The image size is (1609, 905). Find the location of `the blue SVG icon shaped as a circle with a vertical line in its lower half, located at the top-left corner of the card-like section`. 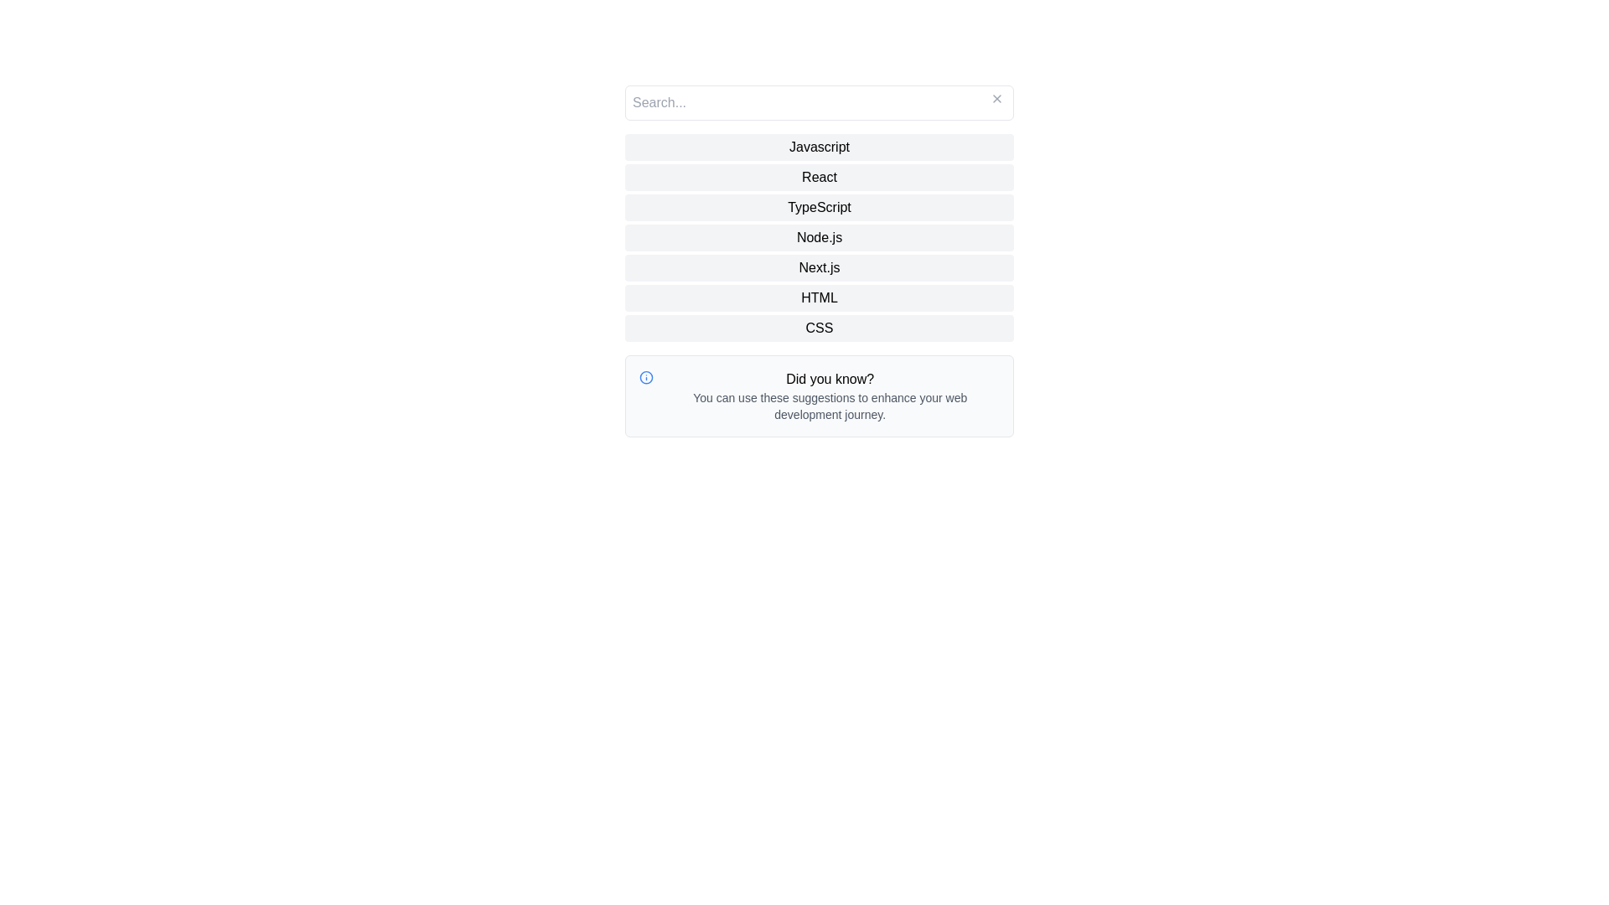

the blue SVG icon shaped as a circle with a vertical line in its lower half, located at the top-left corner of the card-like section is located at coordinates (645, 378).